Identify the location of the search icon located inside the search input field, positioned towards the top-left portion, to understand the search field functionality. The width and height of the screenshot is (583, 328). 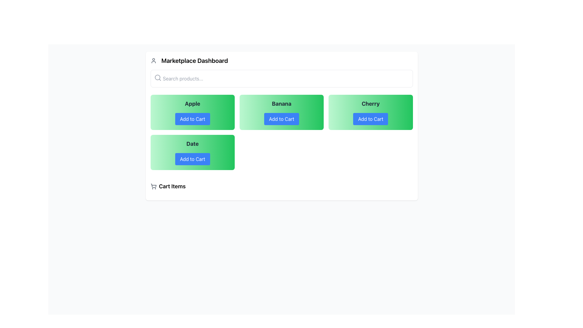
(158, 77).